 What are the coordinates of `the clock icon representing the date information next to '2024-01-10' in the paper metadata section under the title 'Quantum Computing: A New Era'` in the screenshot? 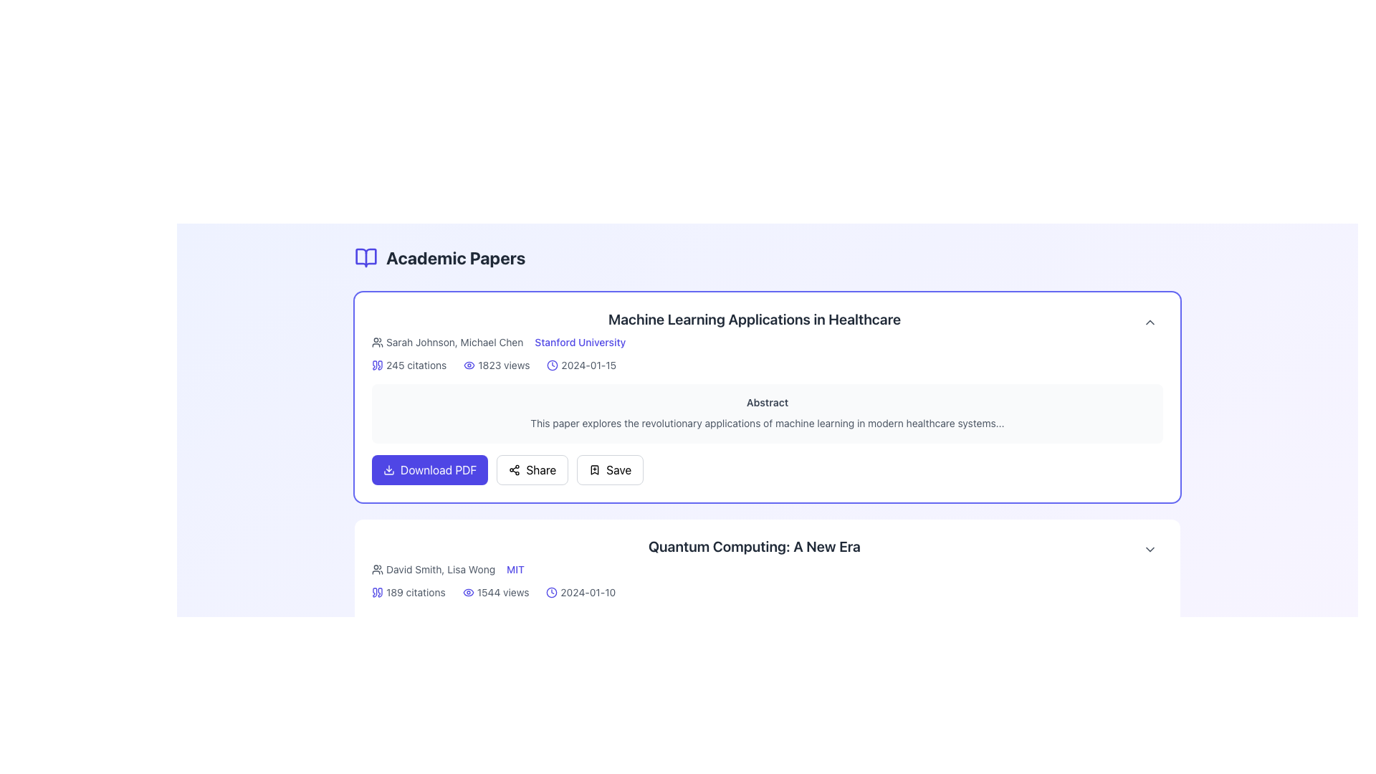 It's located at (551, 592).